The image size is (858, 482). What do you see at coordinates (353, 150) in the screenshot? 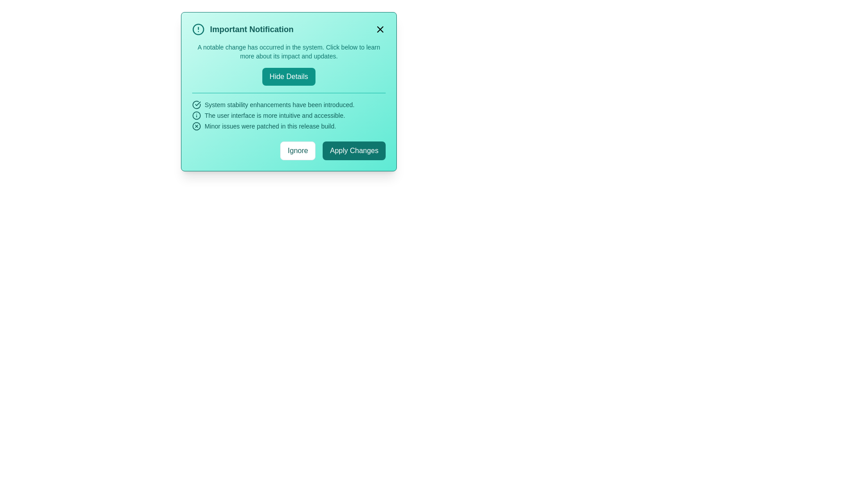
I see `the 'Apply' button located in the bottom-right corner of the modal dialog to apply changes and possibly close the dialog` at bounding box center [353, 150].